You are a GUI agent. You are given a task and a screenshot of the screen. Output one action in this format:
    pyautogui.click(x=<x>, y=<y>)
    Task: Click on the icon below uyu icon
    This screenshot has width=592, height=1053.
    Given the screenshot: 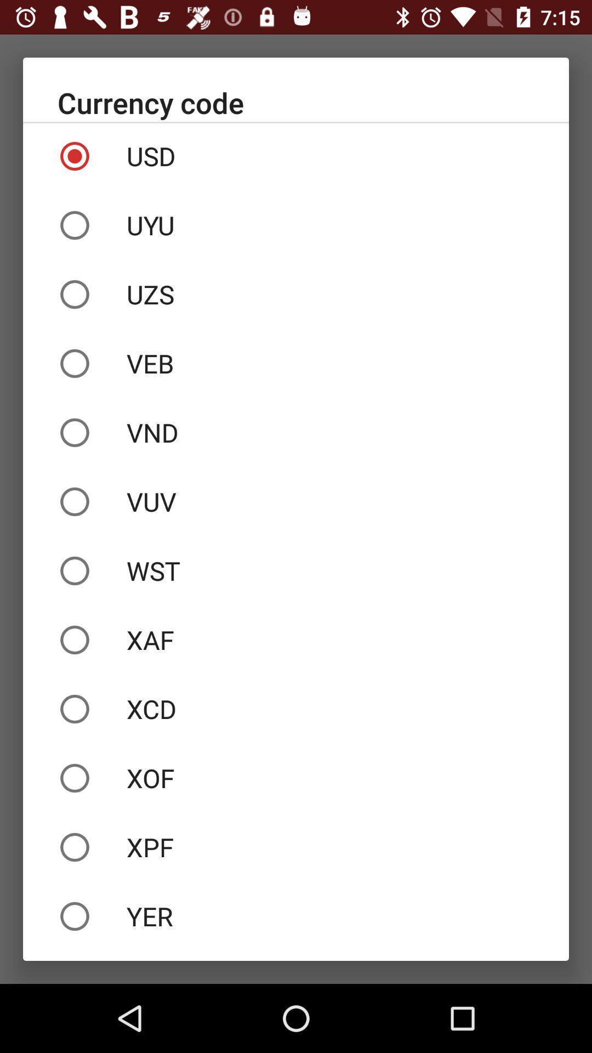 What is the action you would take?
    pyautogui.click(x=296, y=295)
    